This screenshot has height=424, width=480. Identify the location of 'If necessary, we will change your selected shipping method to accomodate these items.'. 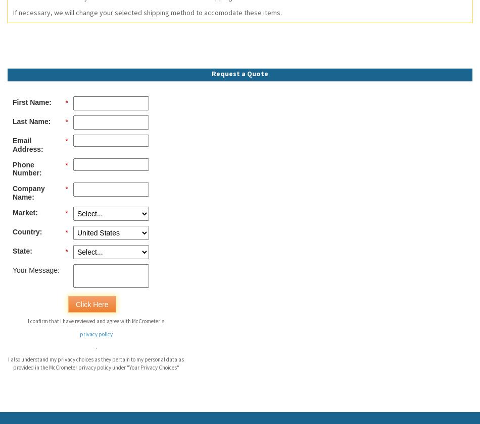
(147, 11).